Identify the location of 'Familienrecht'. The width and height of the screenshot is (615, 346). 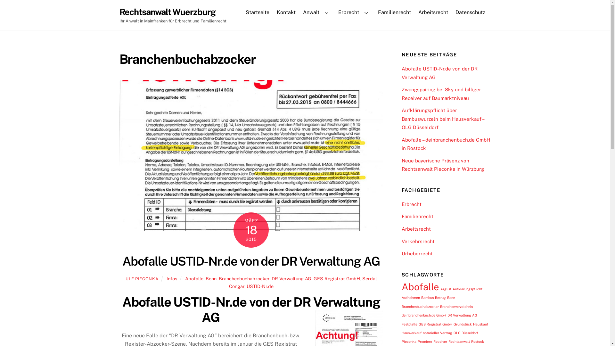
(394, 12).